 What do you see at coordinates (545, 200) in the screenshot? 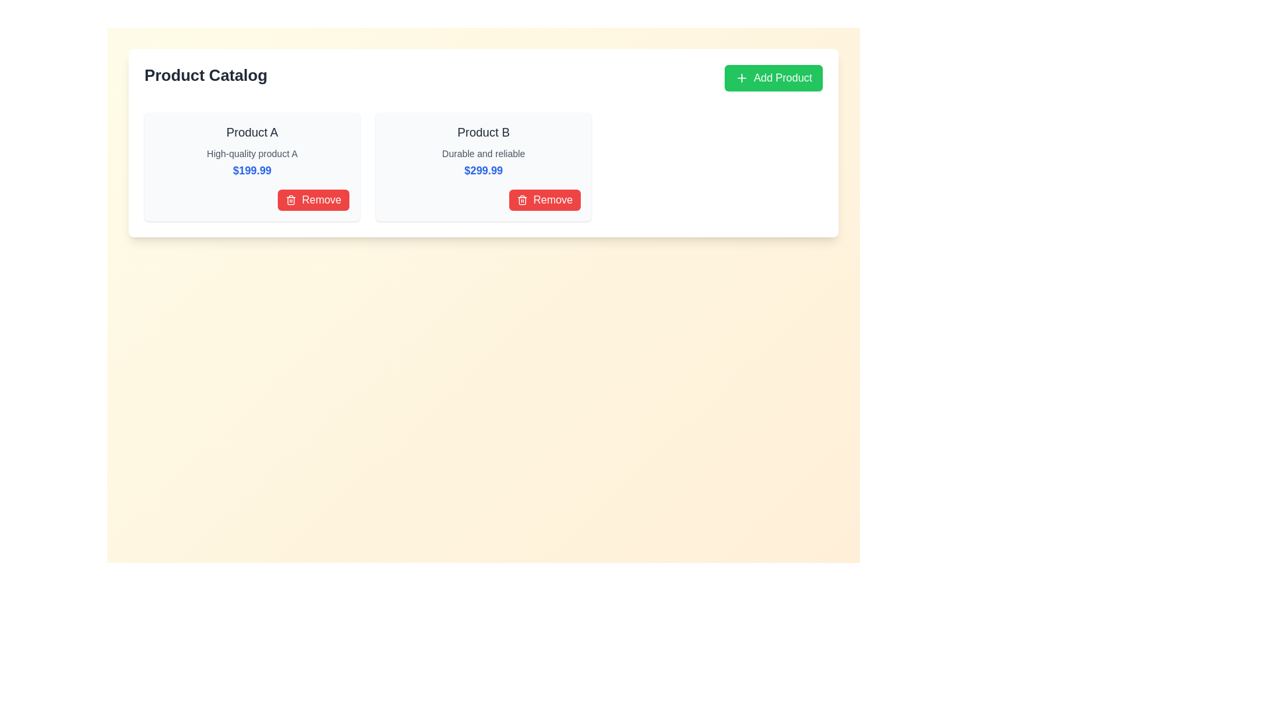
I see `the button that removes the product entry associated with 'Product B' in the second row of the 'Product Catalog' section` at bounding box center [545, 200].